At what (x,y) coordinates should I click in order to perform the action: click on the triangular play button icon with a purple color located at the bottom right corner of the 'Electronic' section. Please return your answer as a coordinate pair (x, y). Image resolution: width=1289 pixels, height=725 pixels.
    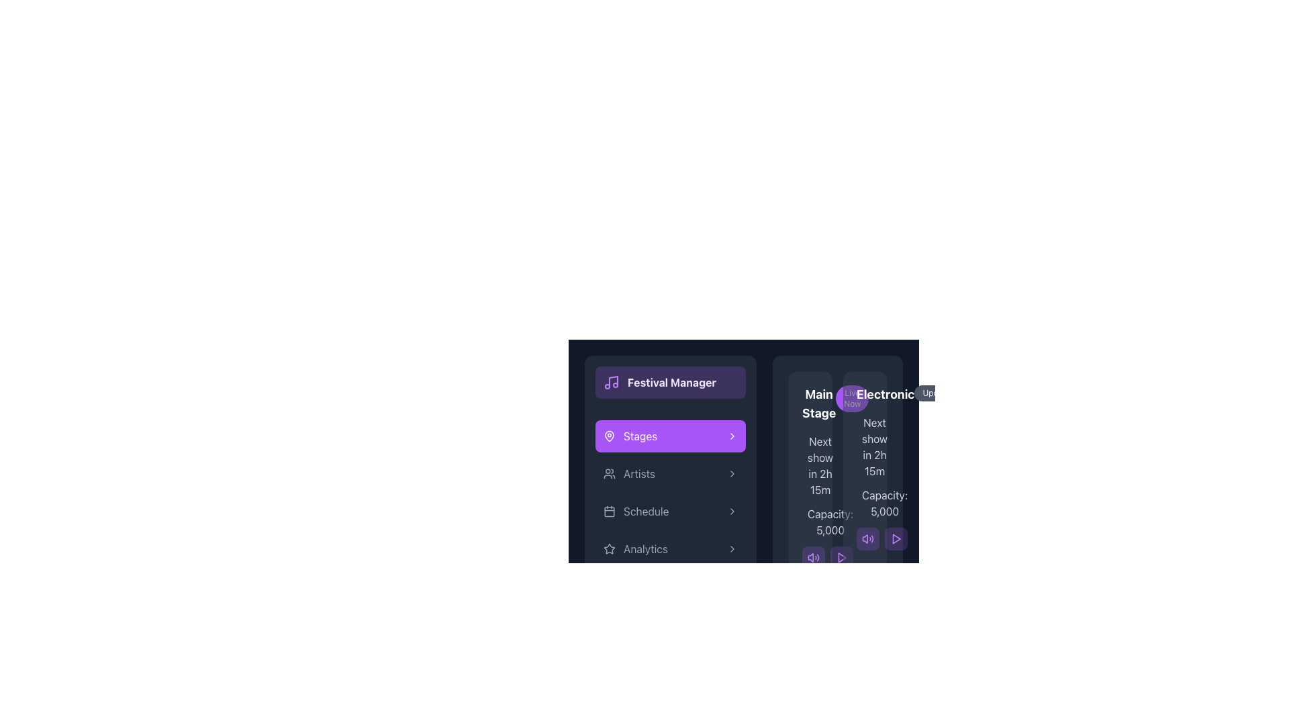
    Looking at the image, I should click on (896, 538).